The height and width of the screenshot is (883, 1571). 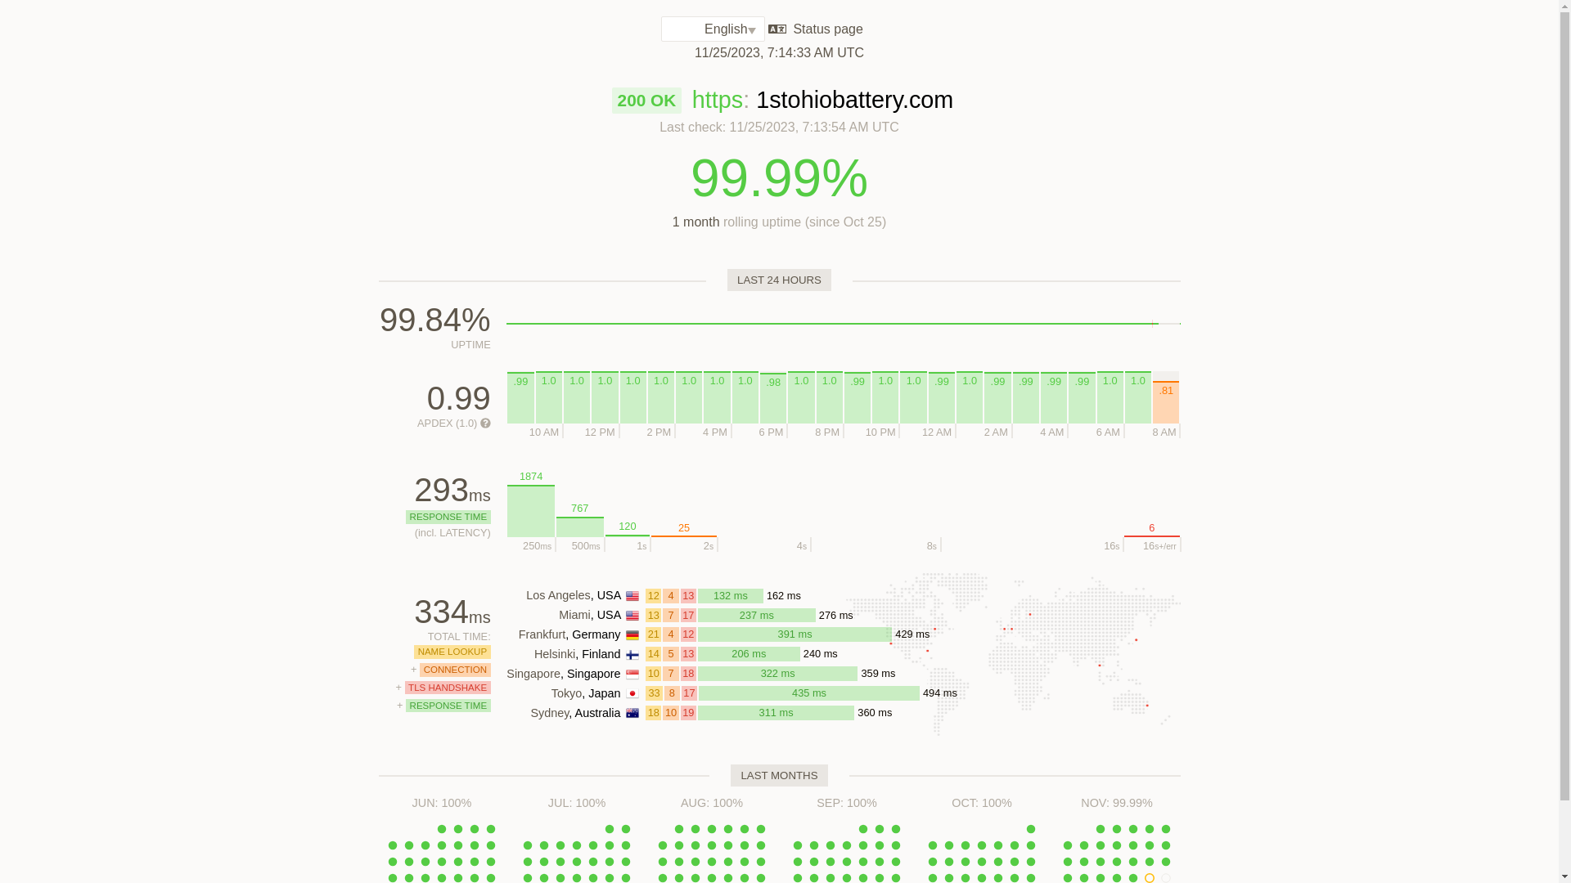 What do you see at coordinates (695, 829) in the screenshot?
I see `'<small>Aug 02:</small> No downtime'` at bounding box center [695, 829].